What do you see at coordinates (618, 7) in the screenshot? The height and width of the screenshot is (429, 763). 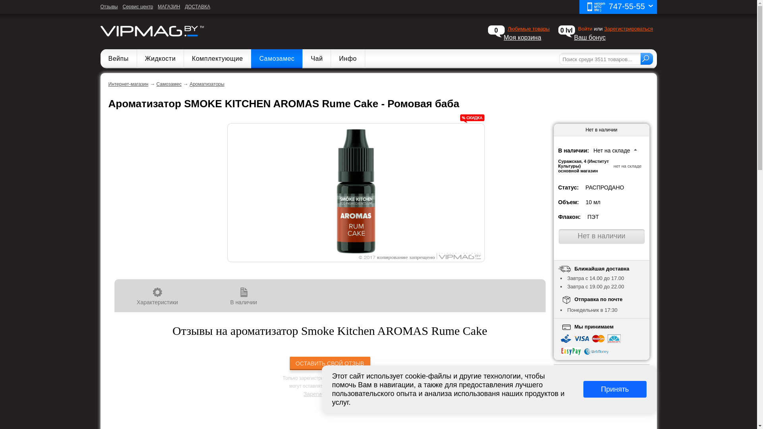 I see `'747-55-55'` at bounding box center [618, 7].